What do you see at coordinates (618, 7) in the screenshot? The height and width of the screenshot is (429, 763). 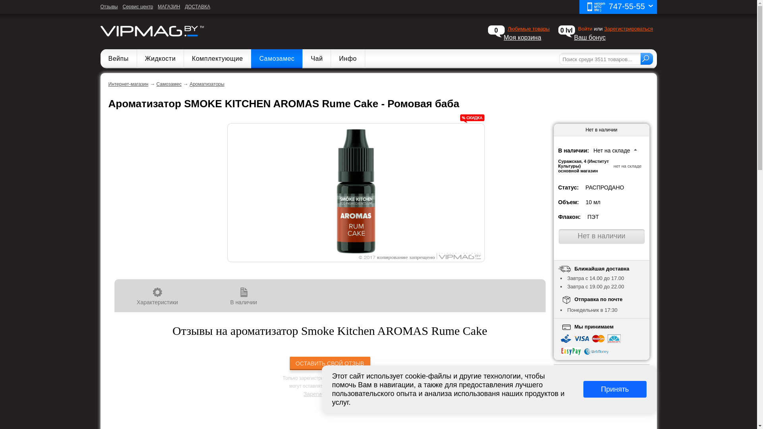 I see `'747-55-55'` at bounding box center [618, 7].